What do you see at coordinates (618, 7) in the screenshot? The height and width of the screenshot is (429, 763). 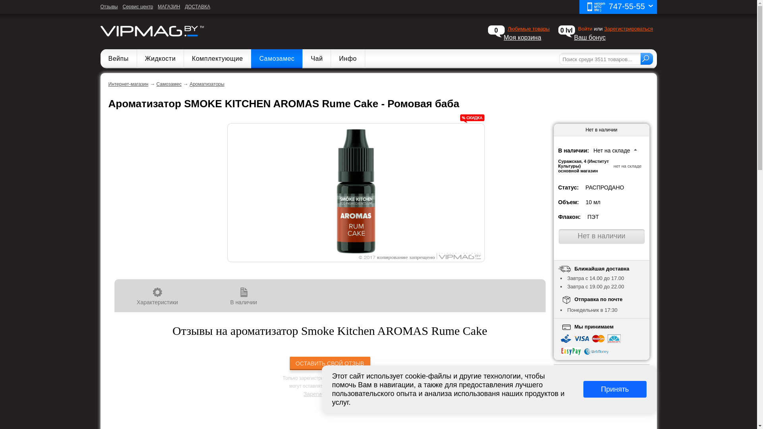 I see `'747-55-55'` at bounding box center [618, 7].